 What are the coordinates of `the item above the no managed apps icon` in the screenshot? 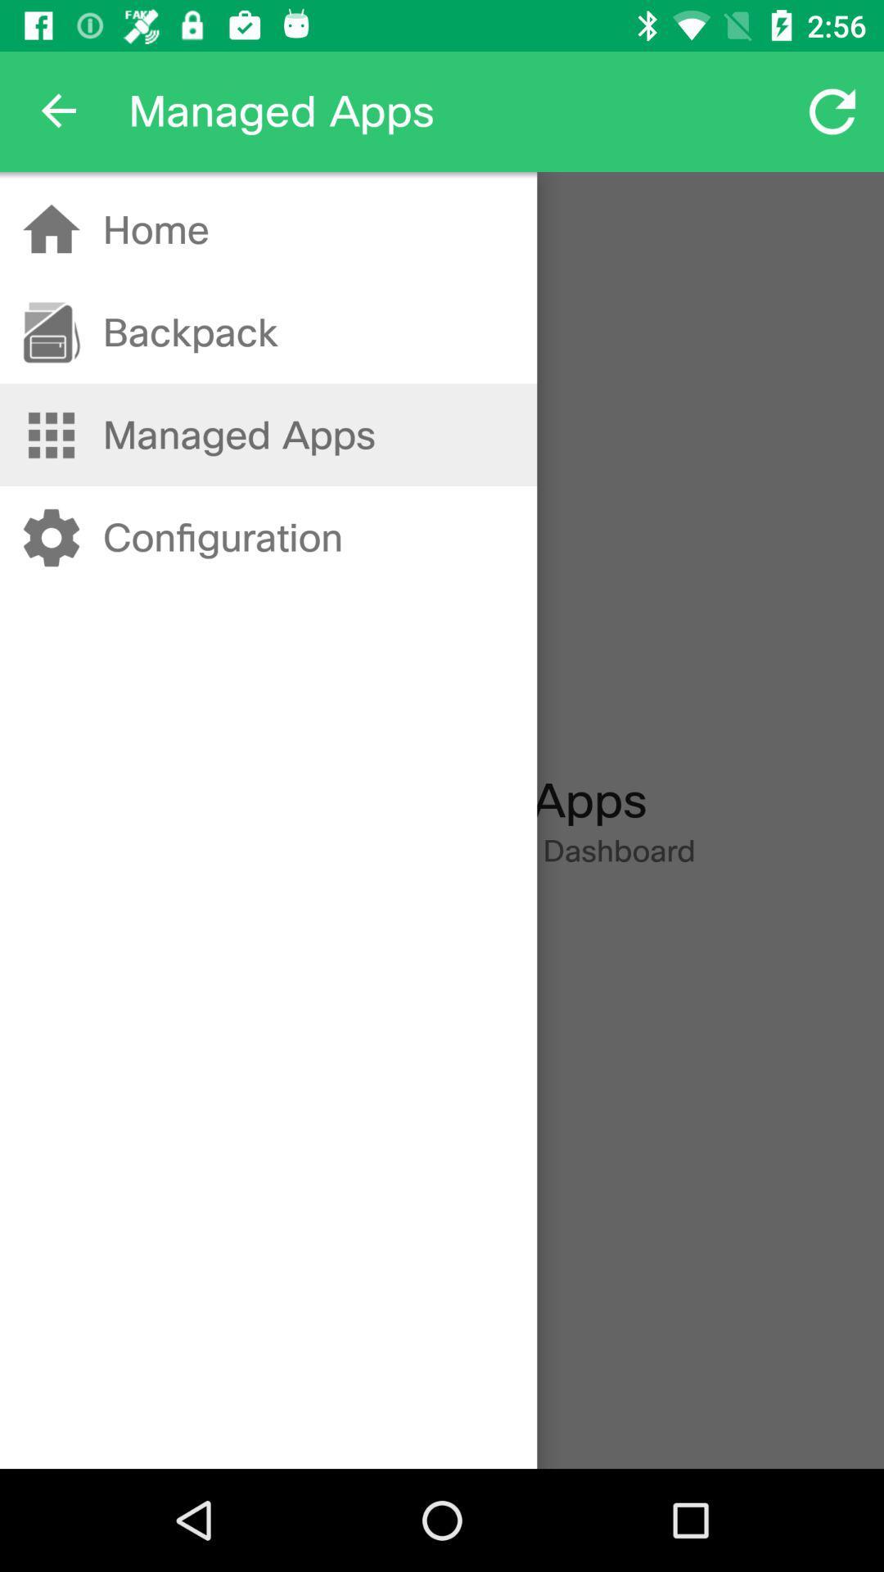 It's located at (223, 538).